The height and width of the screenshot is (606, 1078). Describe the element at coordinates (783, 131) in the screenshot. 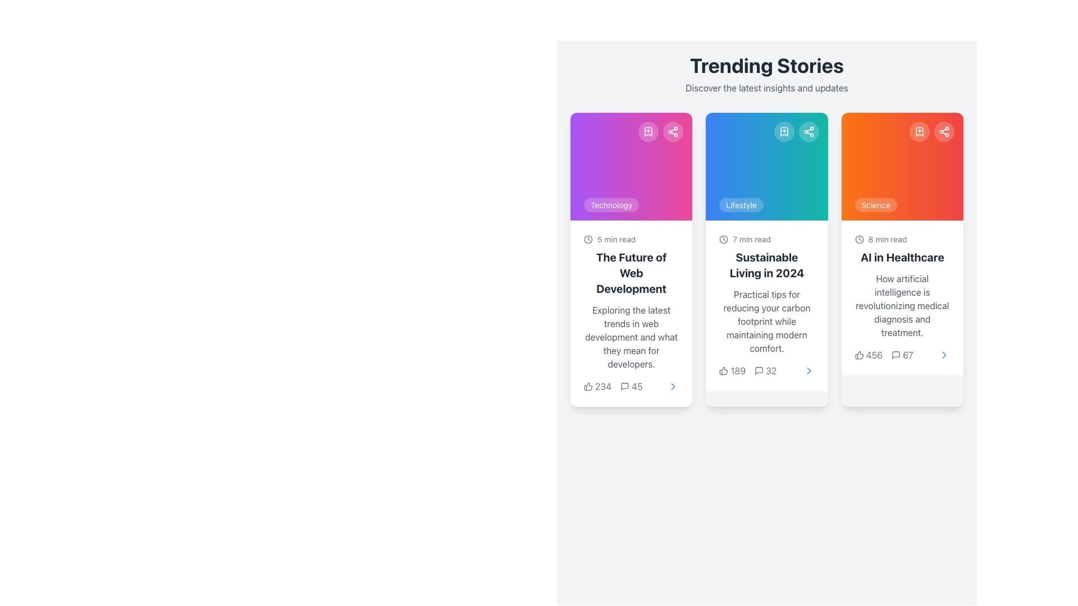

I see `the bookmark icon button with a plus sign located in the top-right corner of the 'Sustainable Living in 2024' card` at that location.